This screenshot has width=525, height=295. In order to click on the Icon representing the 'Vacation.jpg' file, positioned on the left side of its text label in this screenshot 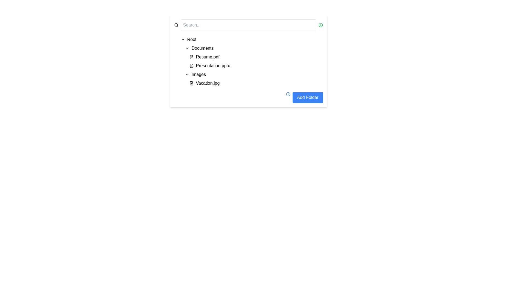, I will do `click(191, 83)`.